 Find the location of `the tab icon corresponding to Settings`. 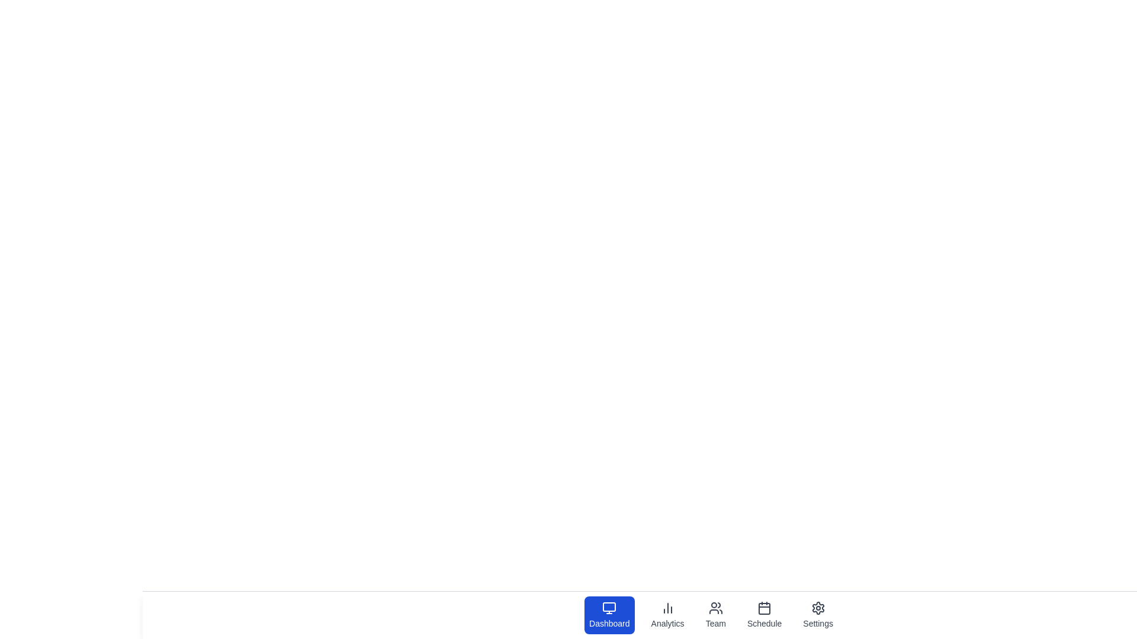

the tab icon corresponding to Settings is located at coordinates (817, 615).